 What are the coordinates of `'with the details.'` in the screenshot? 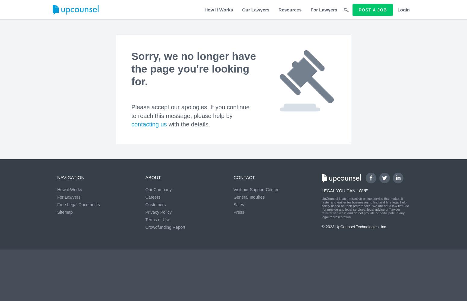 It's located at (188, 124).